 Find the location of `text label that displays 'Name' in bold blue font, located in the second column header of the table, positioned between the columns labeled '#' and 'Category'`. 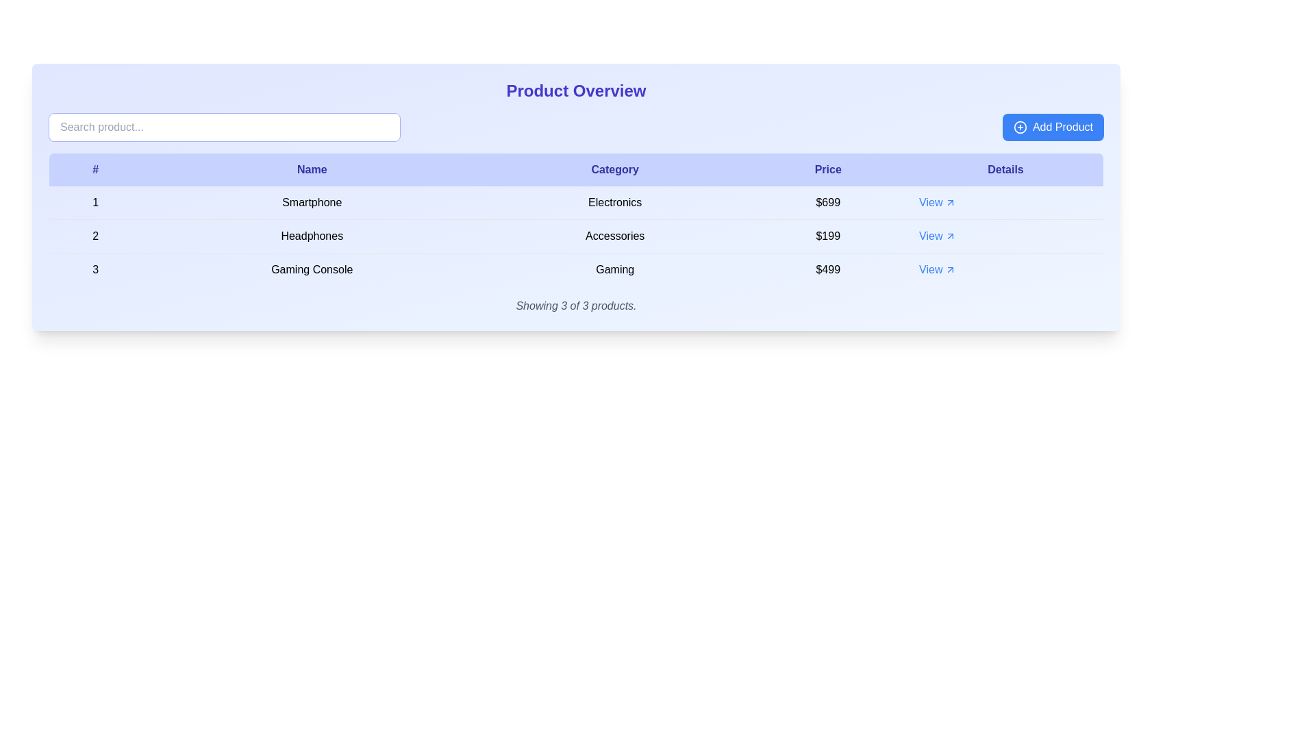

text label that displays 'Name' in bold blue font, located in the second column header of the table, positioned between the columns labeled '#' and 'Category' is located at coordinates (311, 169).